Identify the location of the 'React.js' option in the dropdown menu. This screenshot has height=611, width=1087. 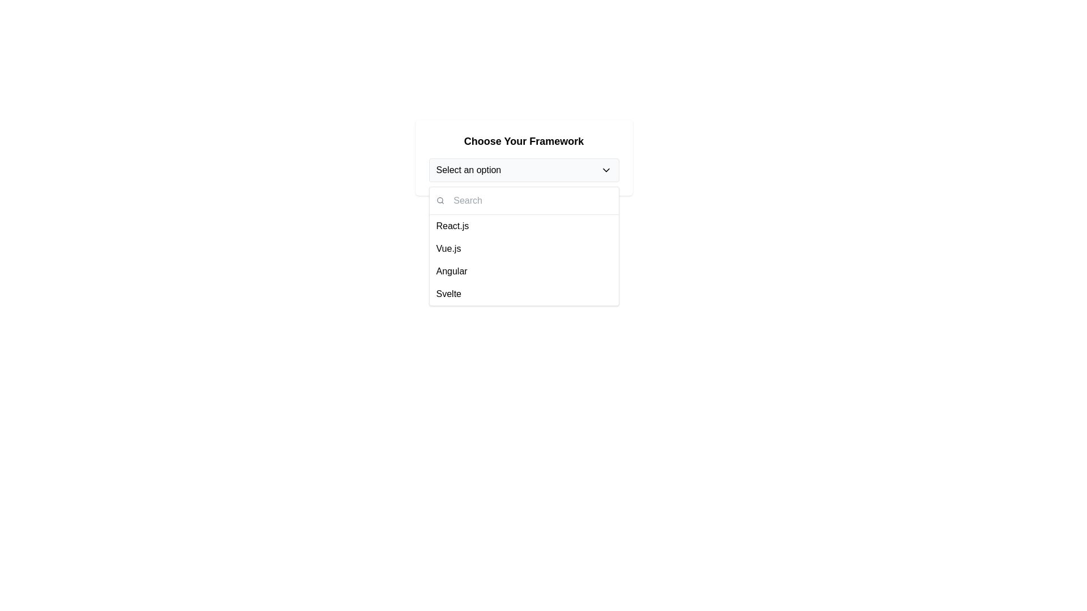
(452, 226).